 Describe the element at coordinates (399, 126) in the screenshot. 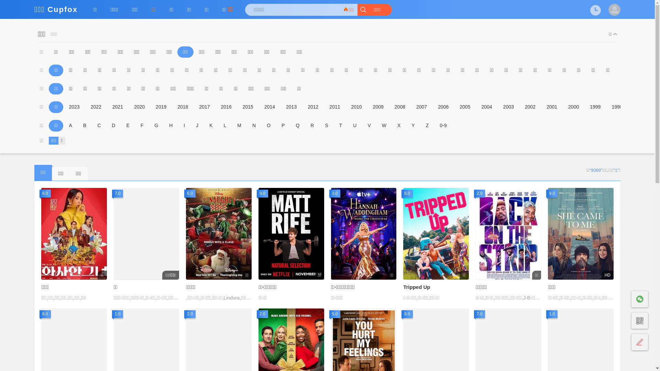

I see `'X'` at that location.